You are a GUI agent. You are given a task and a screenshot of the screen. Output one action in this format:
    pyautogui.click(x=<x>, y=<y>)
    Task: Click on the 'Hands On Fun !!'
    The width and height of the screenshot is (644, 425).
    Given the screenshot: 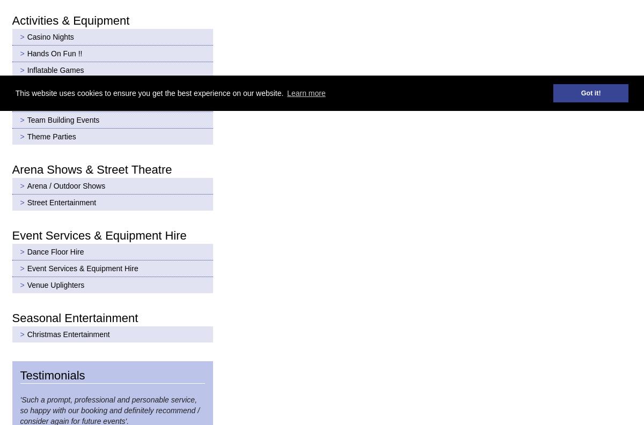 What is the action you would take?
    pyautogui.click(x=27, y=52)
    